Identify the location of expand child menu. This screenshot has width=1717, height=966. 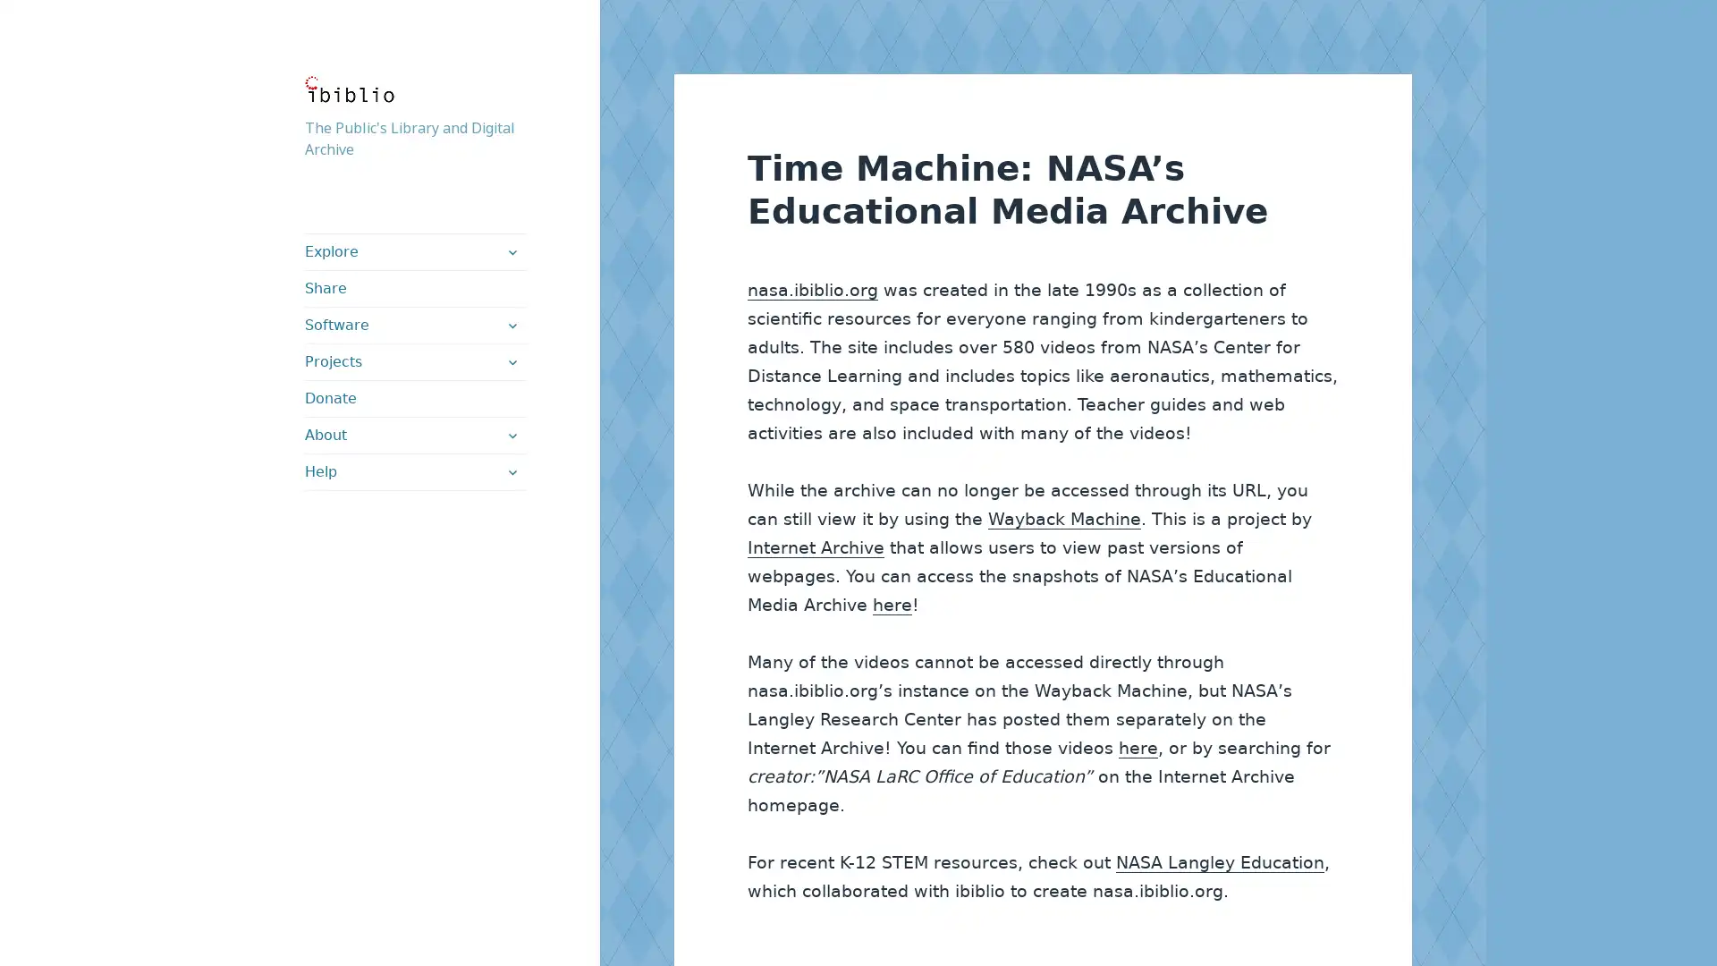
(510, 471).